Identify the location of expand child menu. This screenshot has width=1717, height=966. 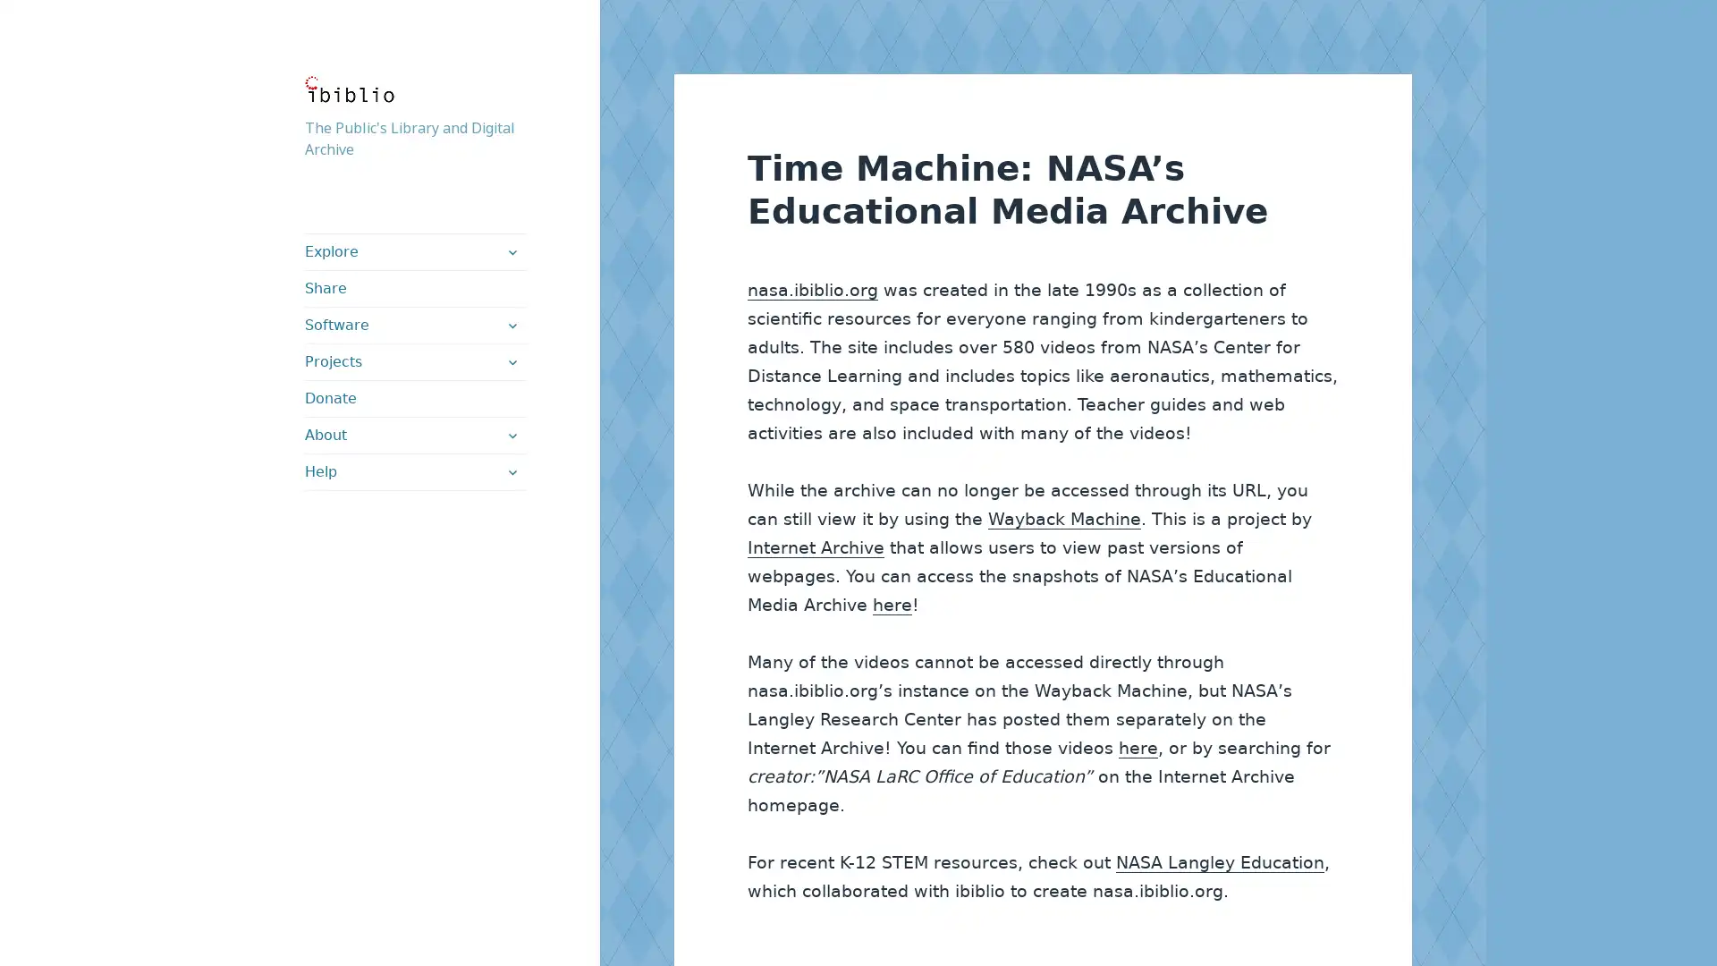
(510, 471).